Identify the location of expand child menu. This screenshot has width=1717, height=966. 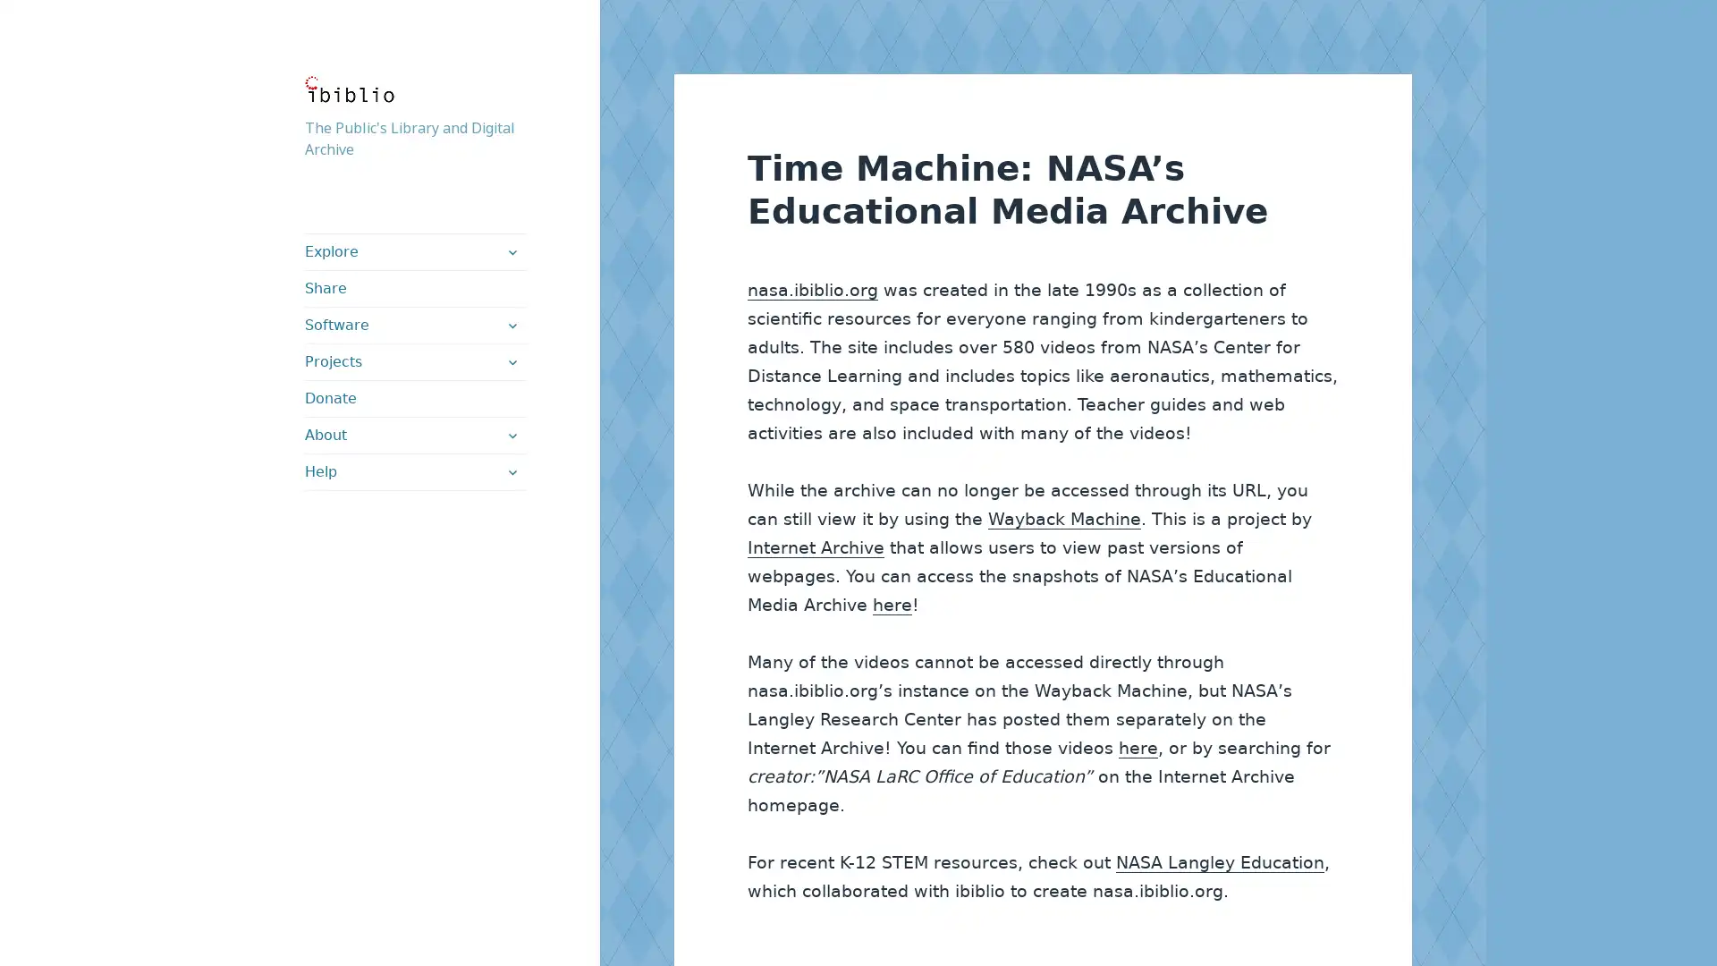
(510, 471).